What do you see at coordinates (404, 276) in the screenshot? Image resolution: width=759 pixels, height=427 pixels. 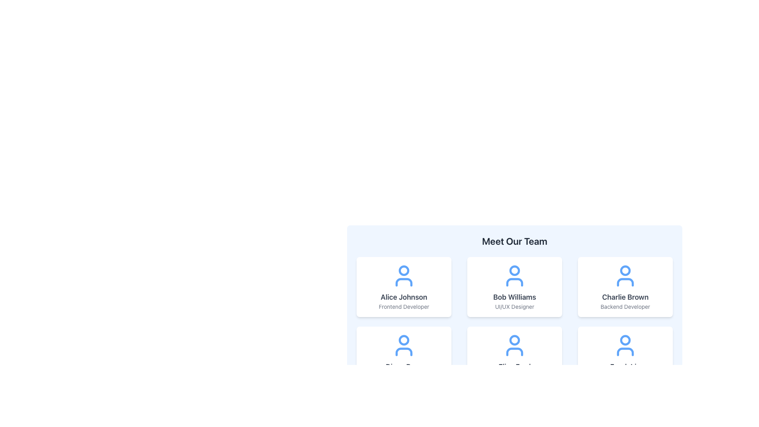 I see `the user profile icon represented by a blue circular head above a curved line resembling shoulders, located in the first column of the top row of the team member profiles grid` at bounding box center [404, 276].